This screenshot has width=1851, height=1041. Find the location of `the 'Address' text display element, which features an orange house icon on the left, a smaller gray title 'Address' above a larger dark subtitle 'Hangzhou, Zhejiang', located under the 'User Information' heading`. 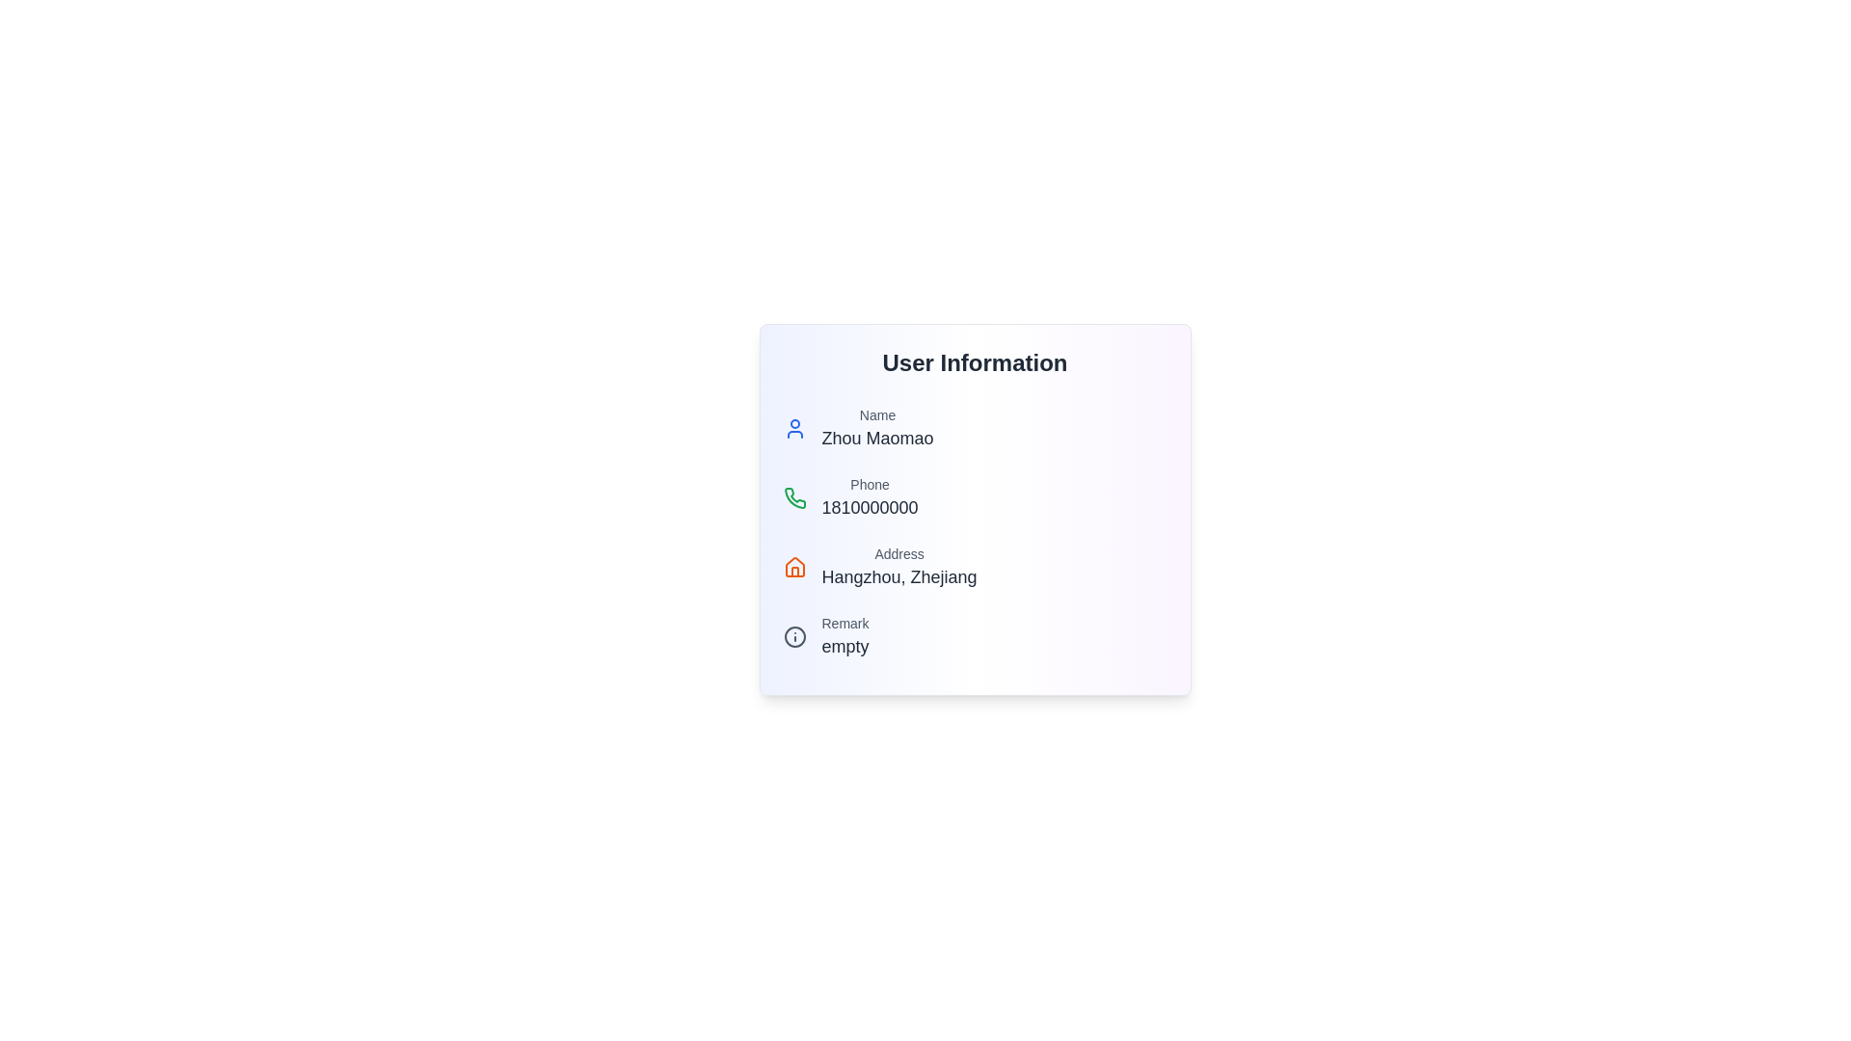

the 'Address' text display element, which features an orange house icon on the left, a smaller gray title 'Address' above a larger dark subtitle 'Hangzhou, Zhejiang', located under the 'User Information' heading is located at coordinates (975, 567).